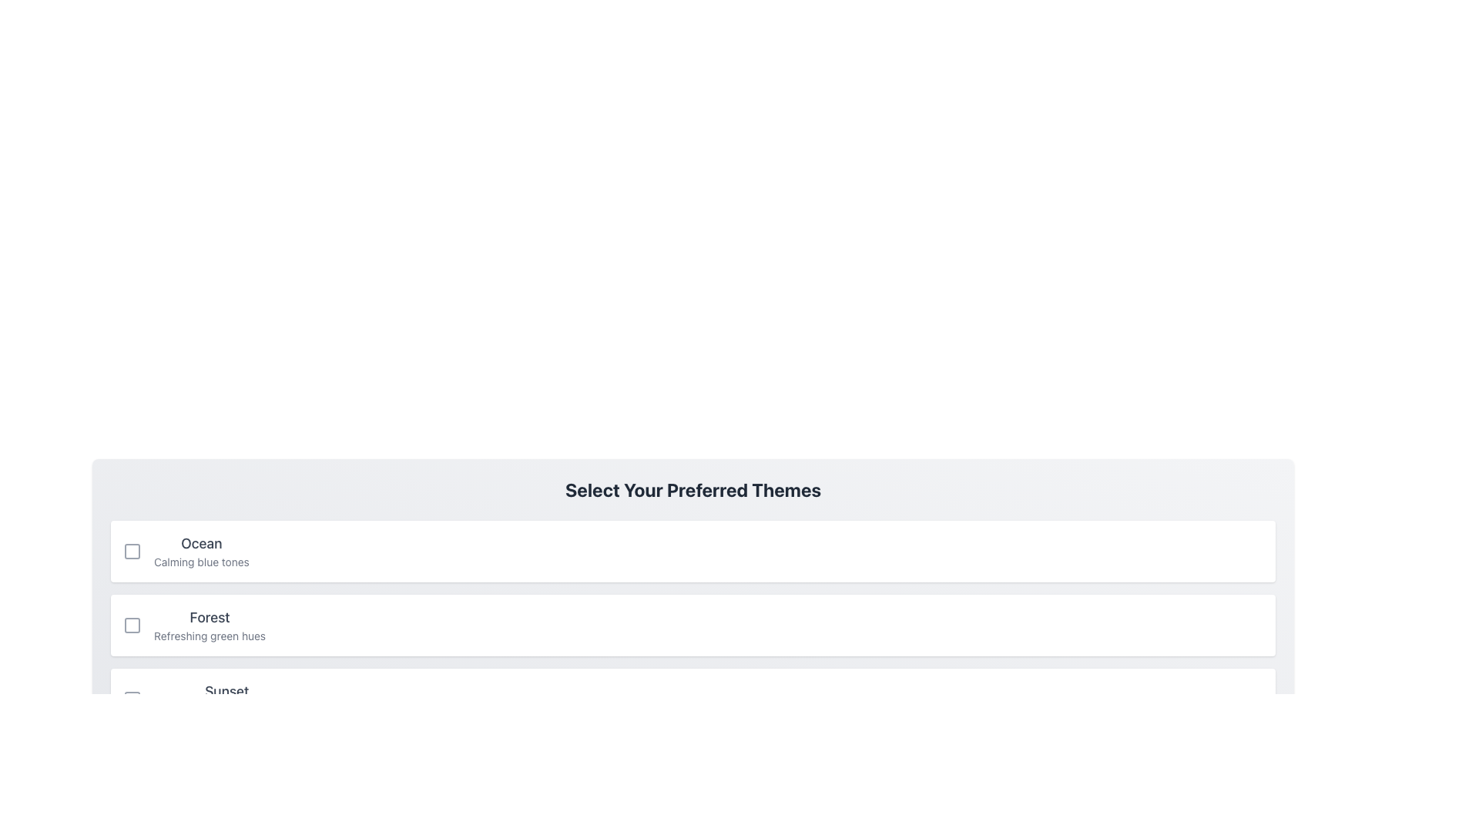 This screenshot has height=832, width=1479. I want to click on the descriptive subtitle text label located below the 'Ocean' title, so click(200, 562).